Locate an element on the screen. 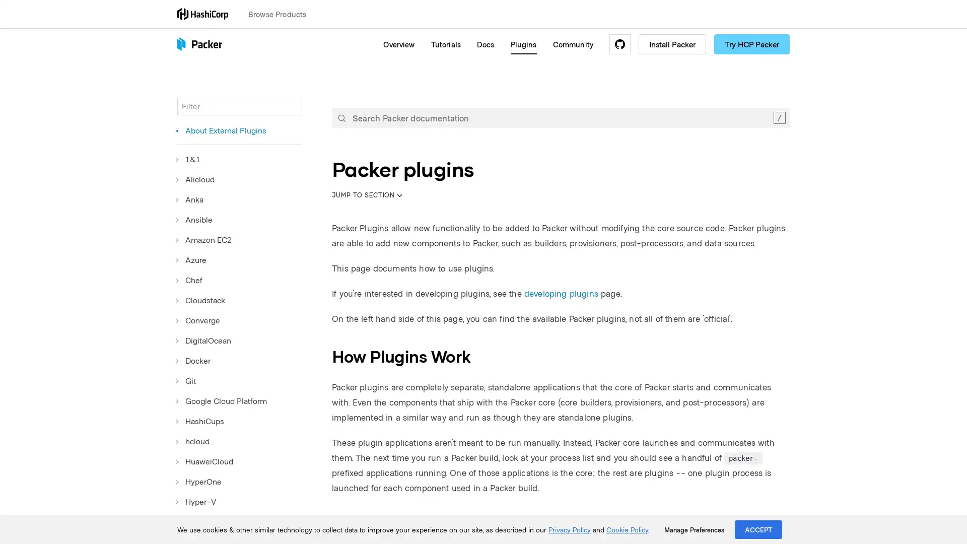  Converge is located at coordinates (198, 320).